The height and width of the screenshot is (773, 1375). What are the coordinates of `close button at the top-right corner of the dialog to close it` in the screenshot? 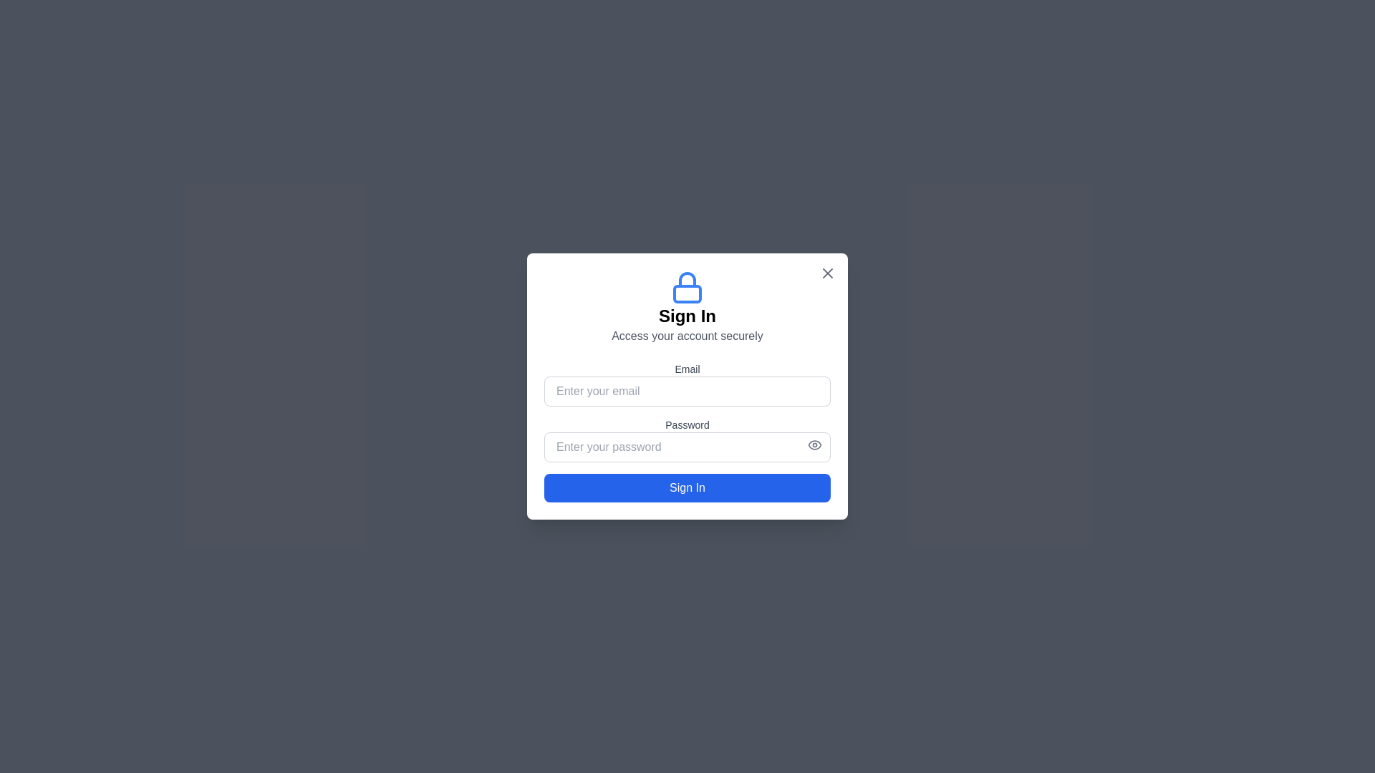 It's located at (828, 273).